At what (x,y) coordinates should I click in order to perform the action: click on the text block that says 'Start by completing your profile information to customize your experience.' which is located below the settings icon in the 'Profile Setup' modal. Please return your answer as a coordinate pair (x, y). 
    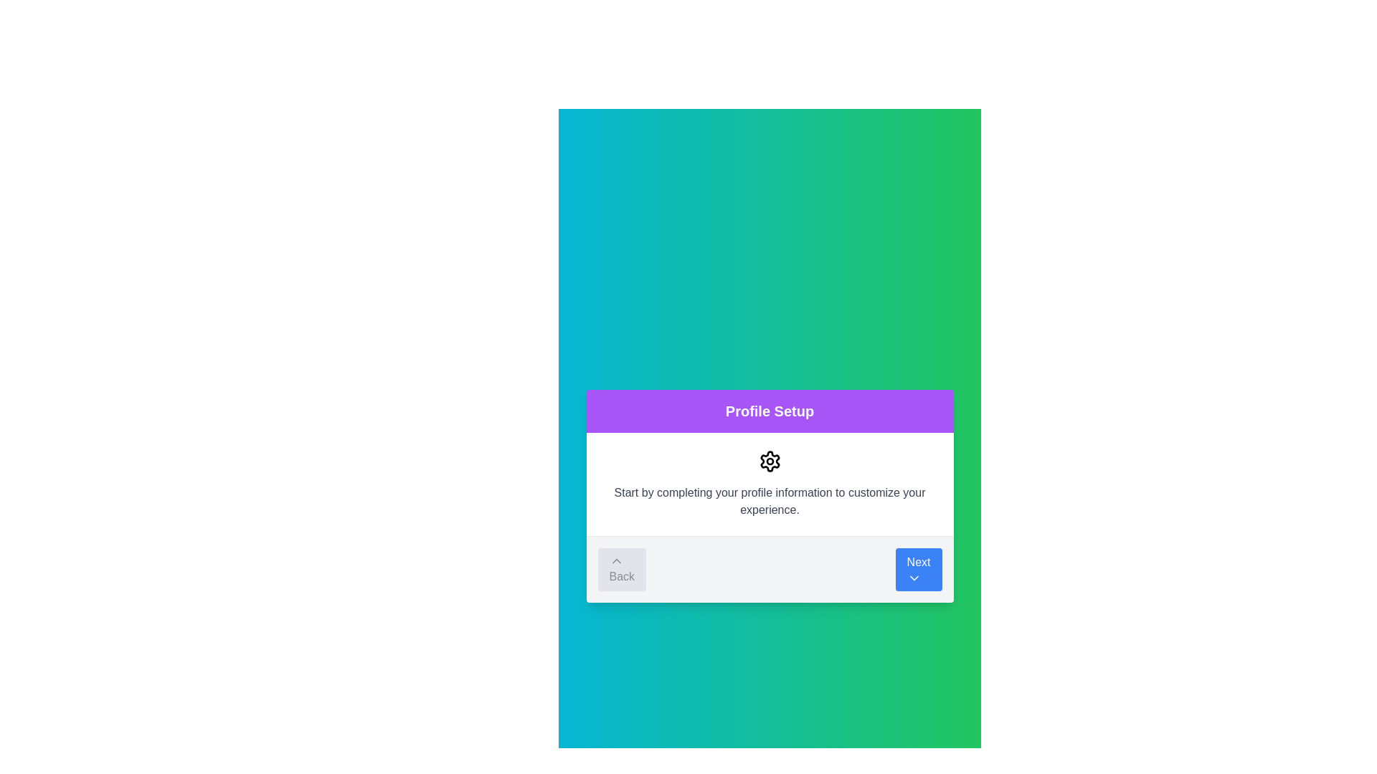
    Looking at the image, I should click on (769, 500).